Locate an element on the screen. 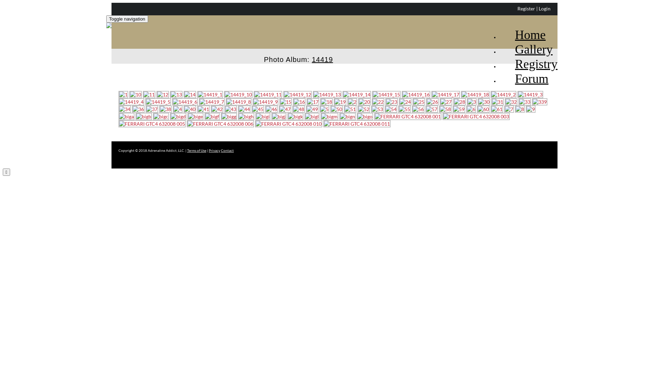  'Home' is located at coordinates (522, 28).